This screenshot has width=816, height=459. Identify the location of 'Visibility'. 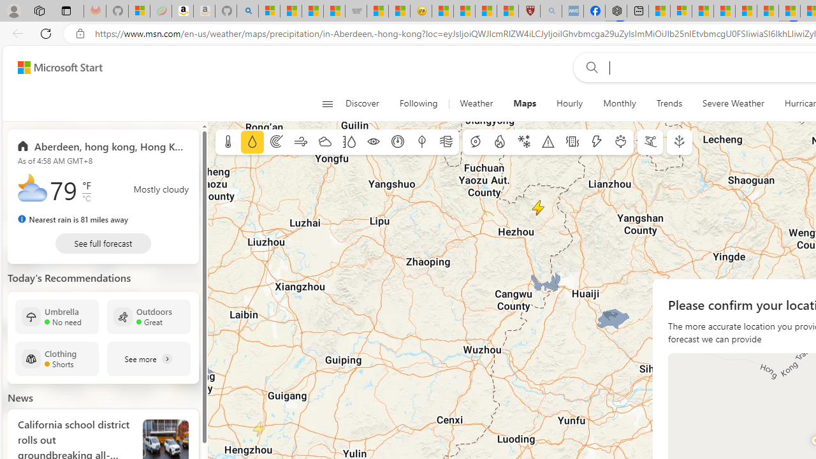
(373, 142).